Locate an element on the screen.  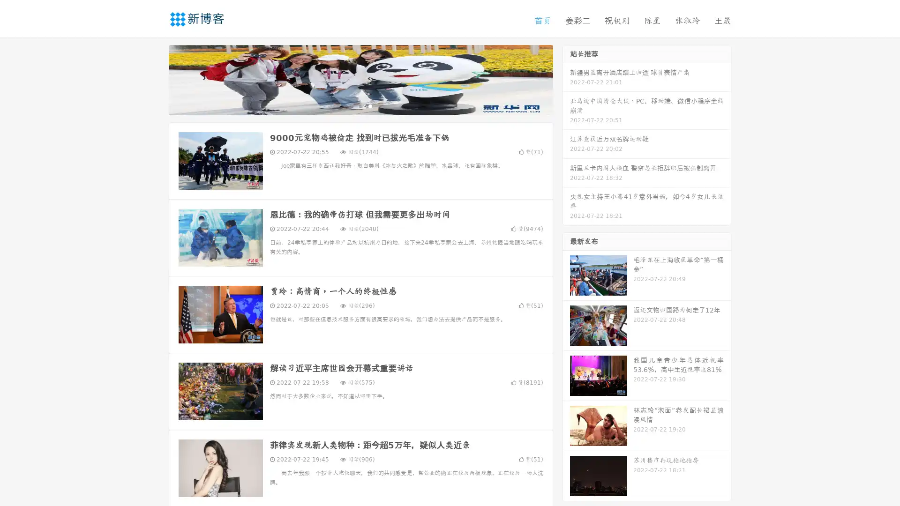
Previous slide is located at coordinates (155, 79).